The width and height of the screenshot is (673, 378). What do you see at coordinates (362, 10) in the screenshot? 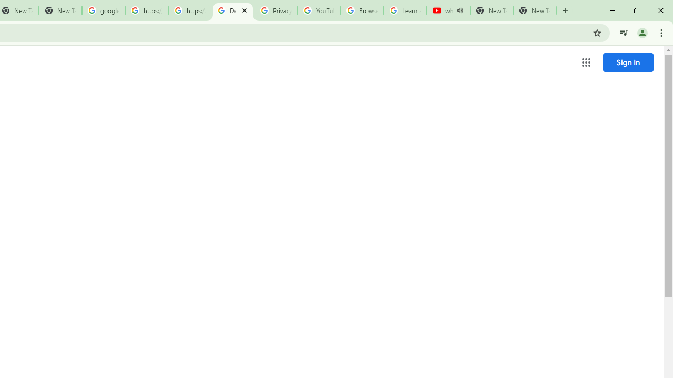
I see `'Browse Chrome as a guest - Computer - Google Chrome Help'` at bounding box center [362, 10].